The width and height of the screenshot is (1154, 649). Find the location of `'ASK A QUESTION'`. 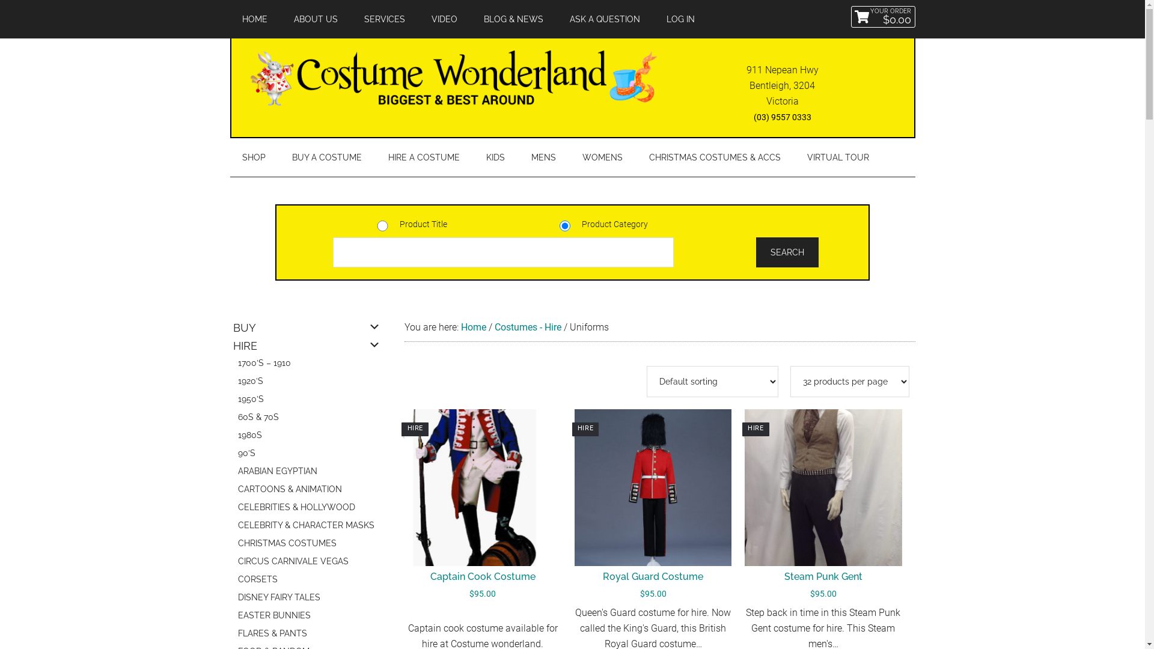

'ASK A QUESTION' is located at coordinates (605, 19).